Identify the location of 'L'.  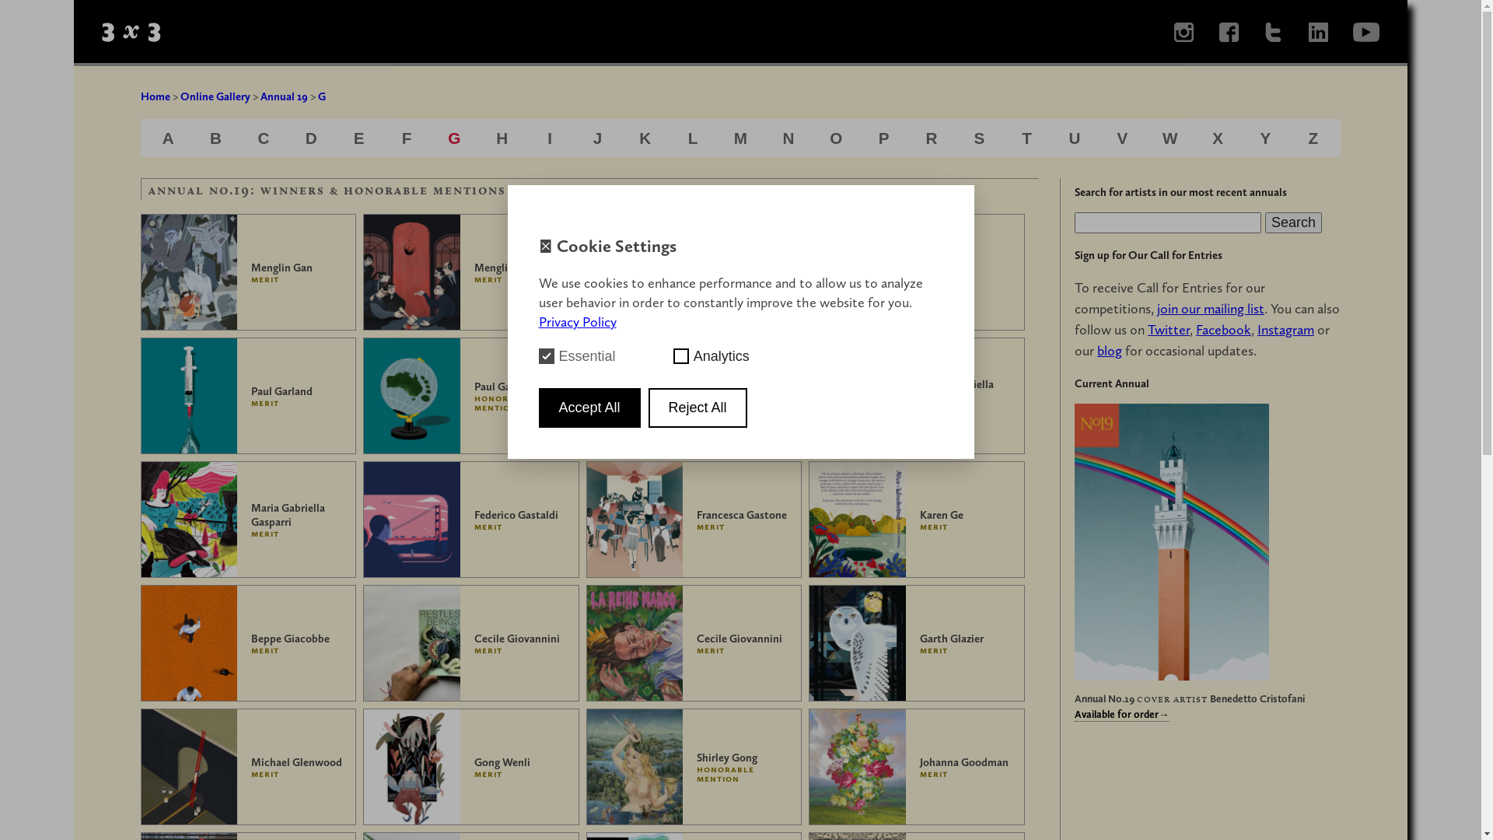
(692, 137).